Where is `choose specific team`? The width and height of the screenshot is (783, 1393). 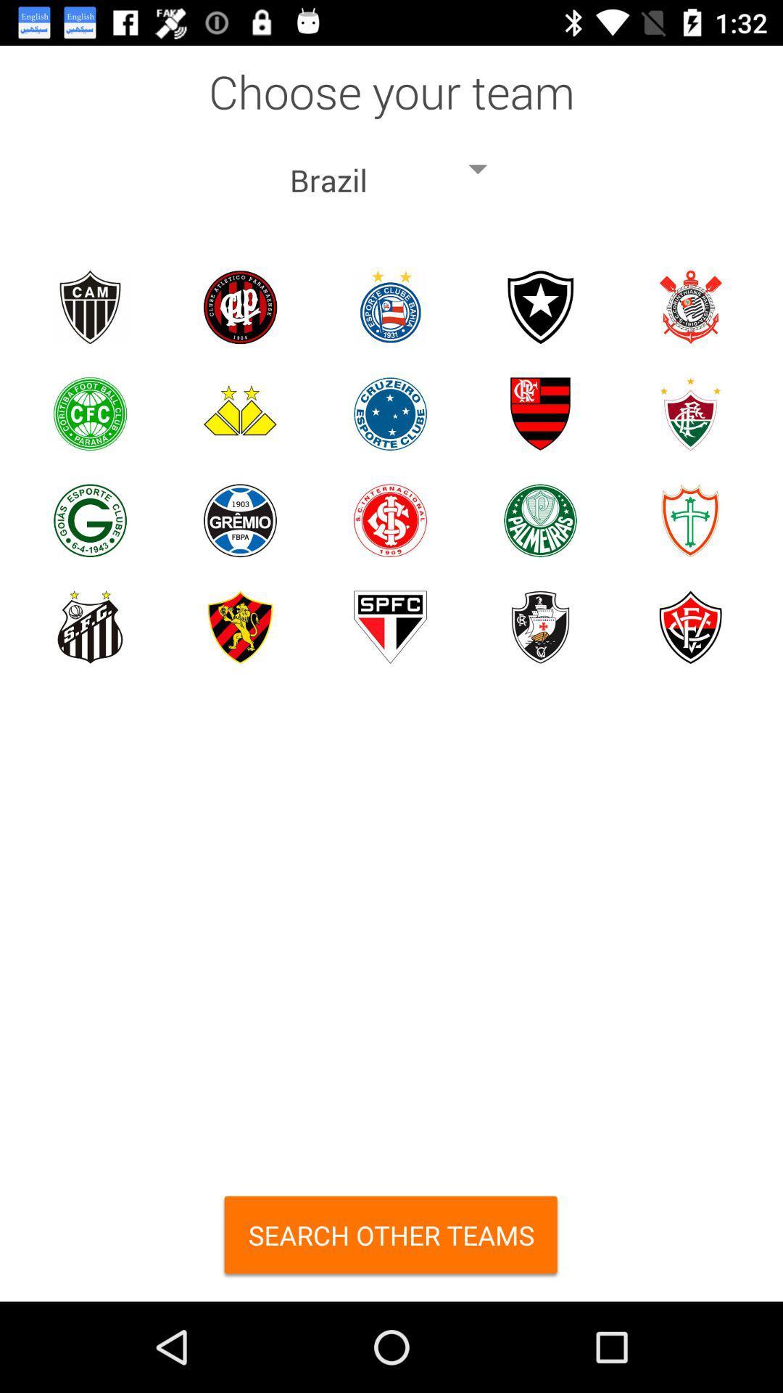 choose specific team is located at coordinates (689, 627).